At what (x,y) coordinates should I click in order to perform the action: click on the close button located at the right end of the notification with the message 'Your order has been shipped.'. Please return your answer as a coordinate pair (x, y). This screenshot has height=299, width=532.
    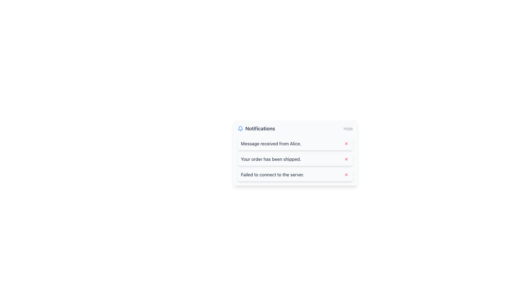
    Looking at the image, I should click on (346, 159).